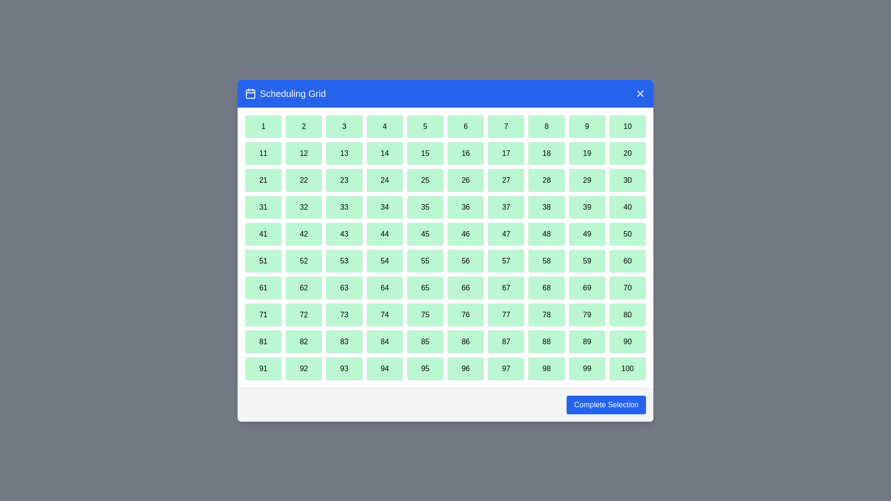 The height and width of the screenshot is (501, 891). What do you see at coordinates (606, 404) in the screenshot?
I see `the 'Complete Selection' button to close the dialog` at bounding box center [606, 404].